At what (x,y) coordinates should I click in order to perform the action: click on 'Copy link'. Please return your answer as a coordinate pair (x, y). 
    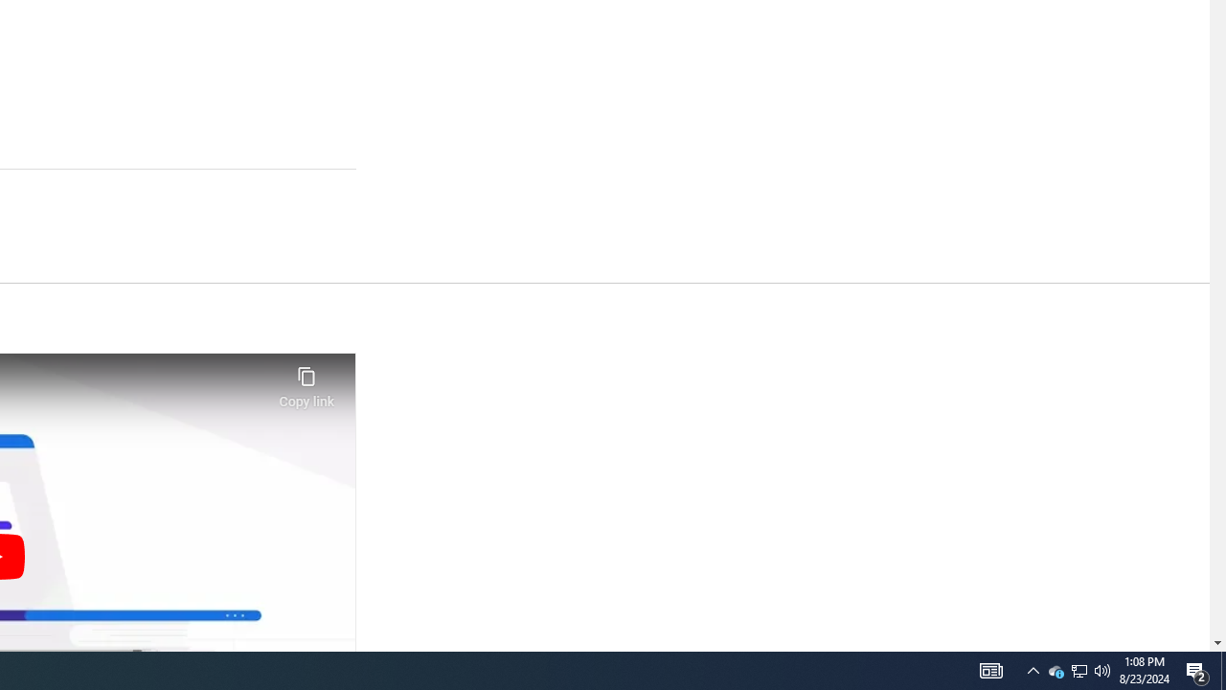
    Looking at the image, I should click on (306, 381).